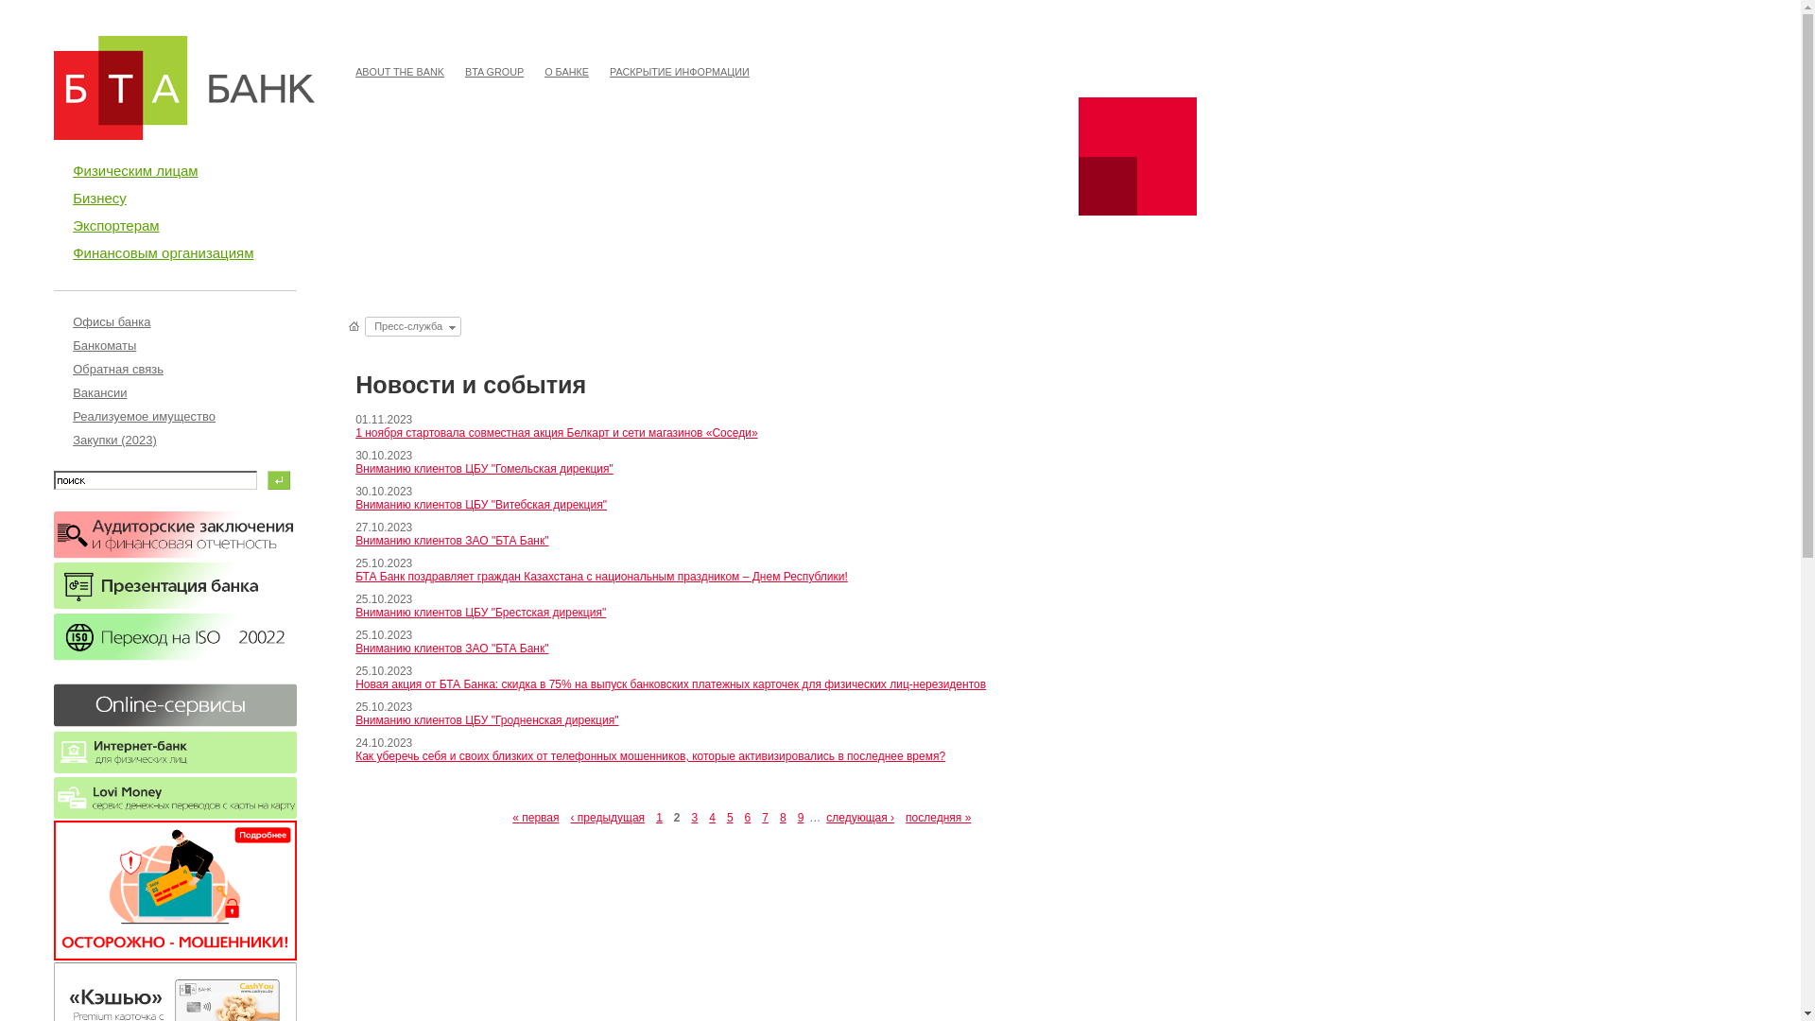 This screenshot has height=1021, width=1815. Describe the element at coordinates (801, 816) in the screenshot. I see `'9'` at that location.